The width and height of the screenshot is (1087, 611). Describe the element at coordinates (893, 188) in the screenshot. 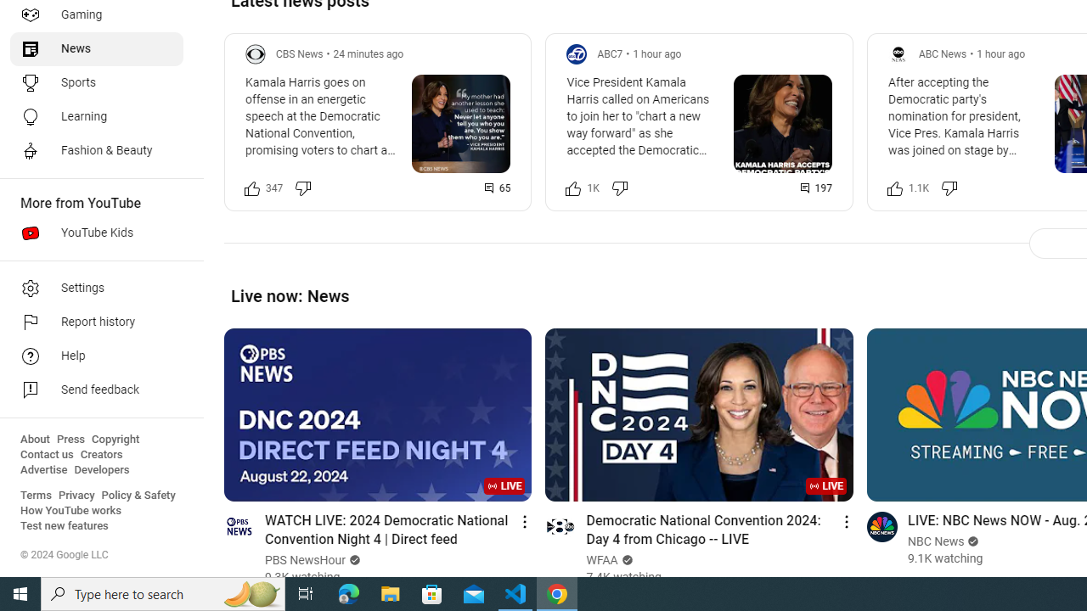

I see `'Like this post along with 1,140 other people'` at that location.